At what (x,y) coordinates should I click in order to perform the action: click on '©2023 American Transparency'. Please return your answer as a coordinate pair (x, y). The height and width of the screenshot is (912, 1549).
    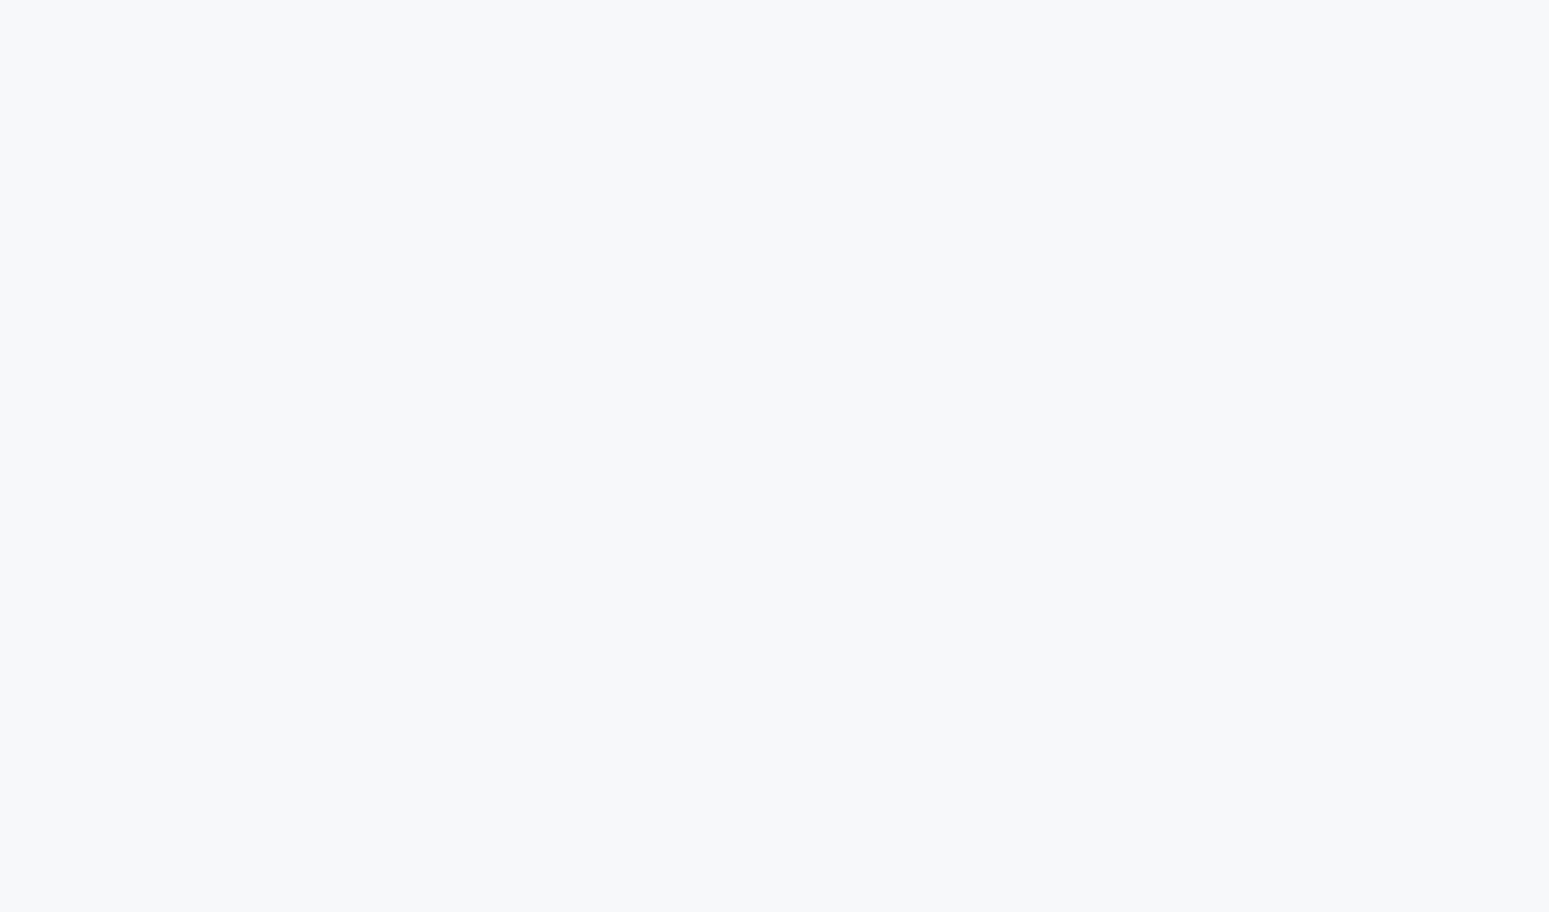
    Looking at the image, I should click on (774, 850).